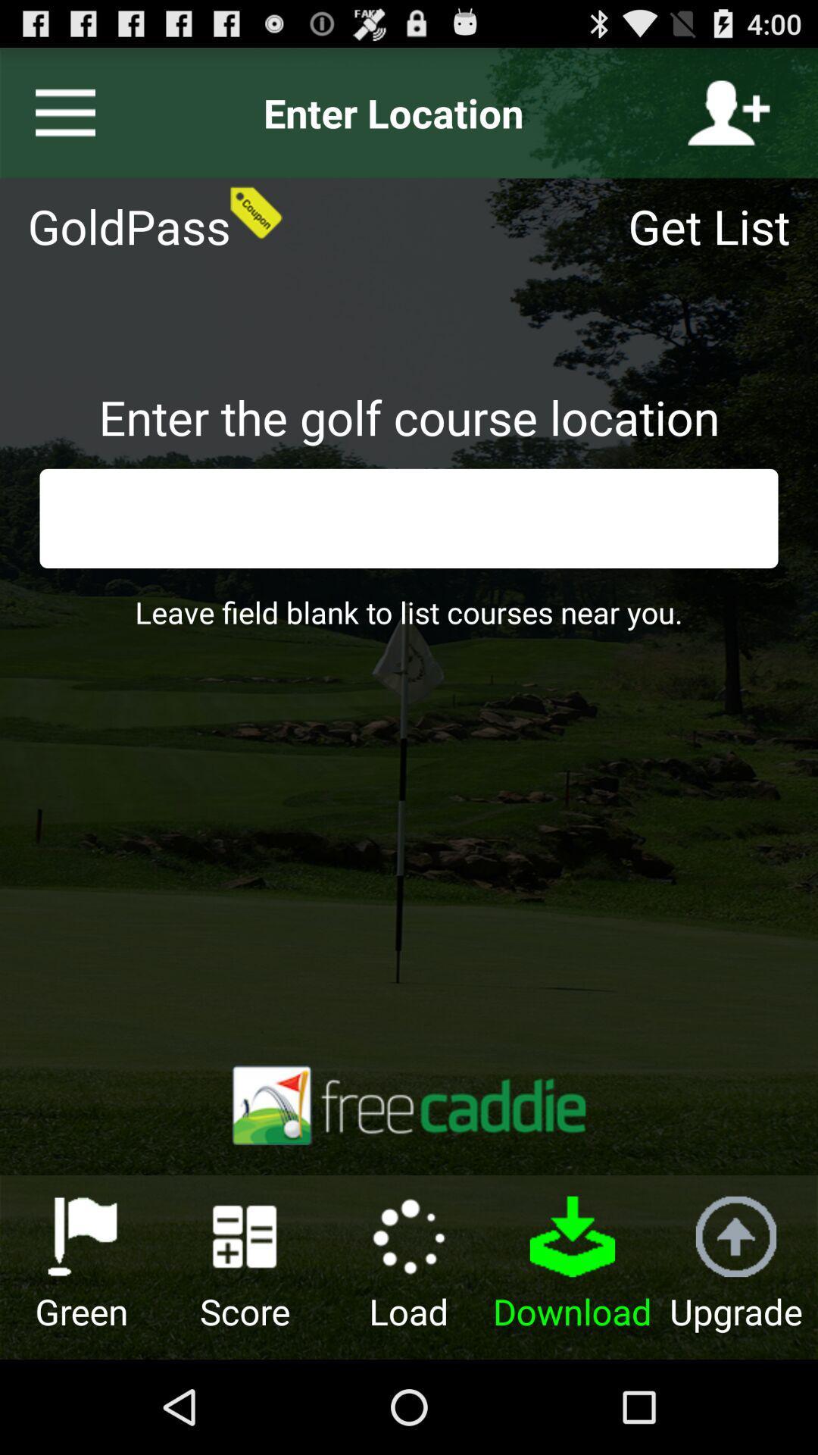 This screenshot has width=818, height=1455. I want to click on search golf courses, so click(409, 518).